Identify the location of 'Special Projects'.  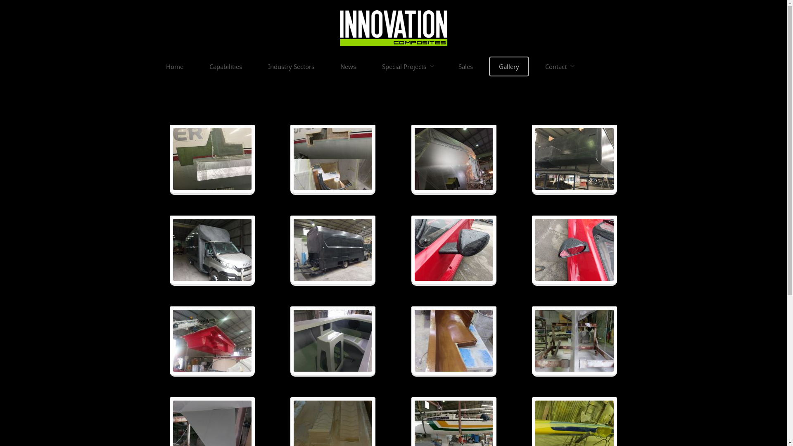
(372, 66).